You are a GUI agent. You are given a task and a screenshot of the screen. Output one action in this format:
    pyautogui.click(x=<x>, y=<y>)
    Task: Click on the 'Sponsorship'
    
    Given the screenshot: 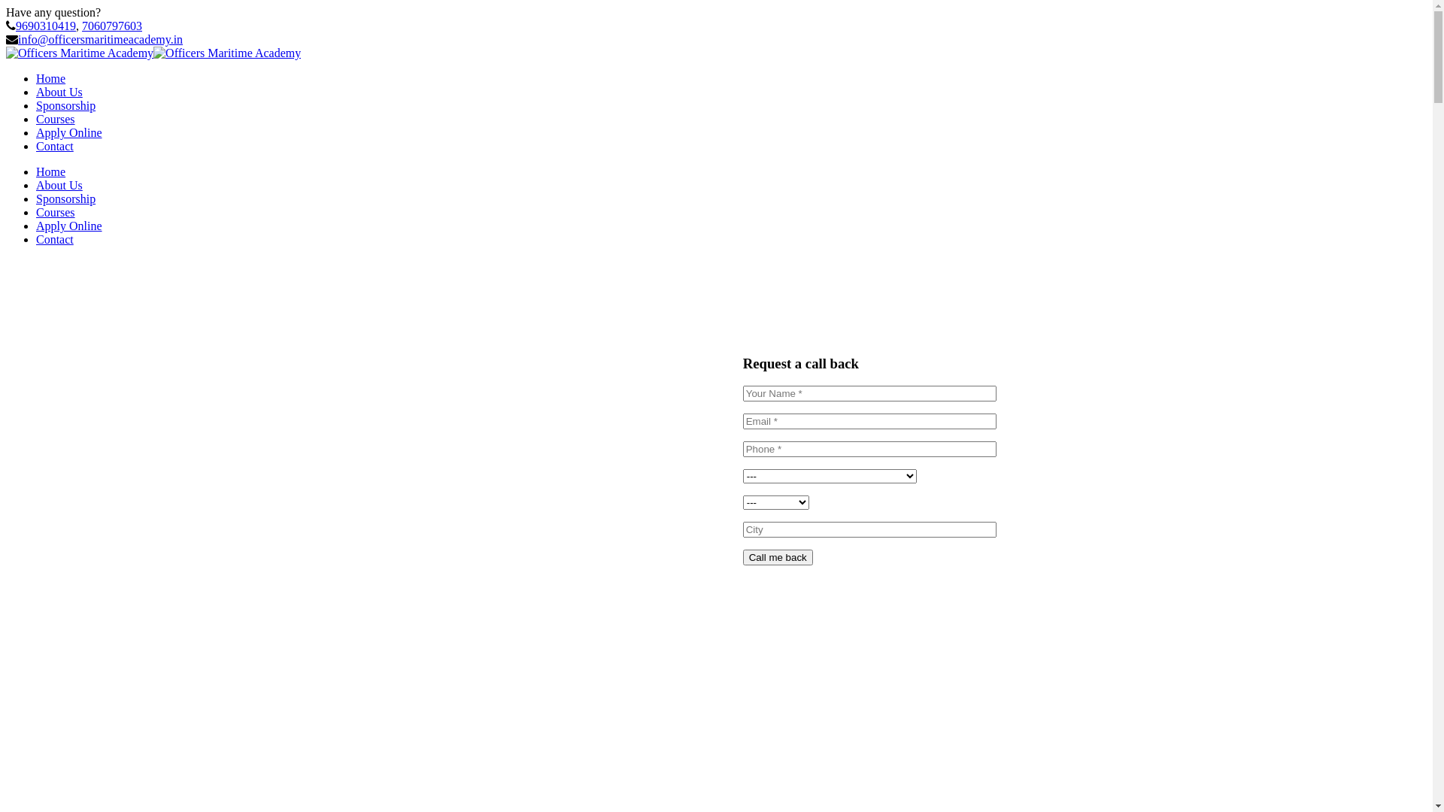 What is the action you would take?
    pyautogui.click(x=65, y=105)
    